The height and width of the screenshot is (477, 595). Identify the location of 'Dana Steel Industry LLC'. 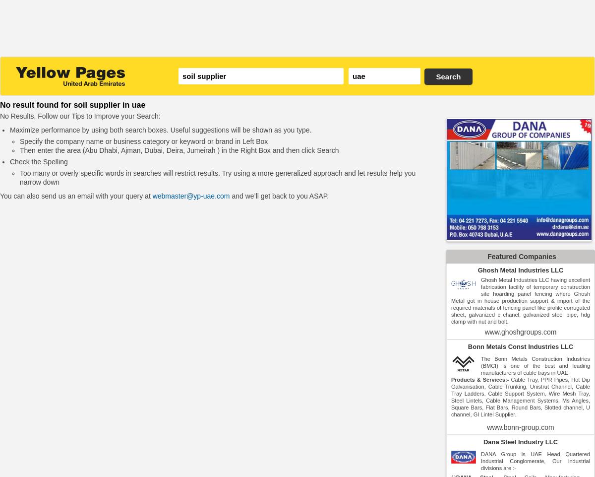
(520, 441).